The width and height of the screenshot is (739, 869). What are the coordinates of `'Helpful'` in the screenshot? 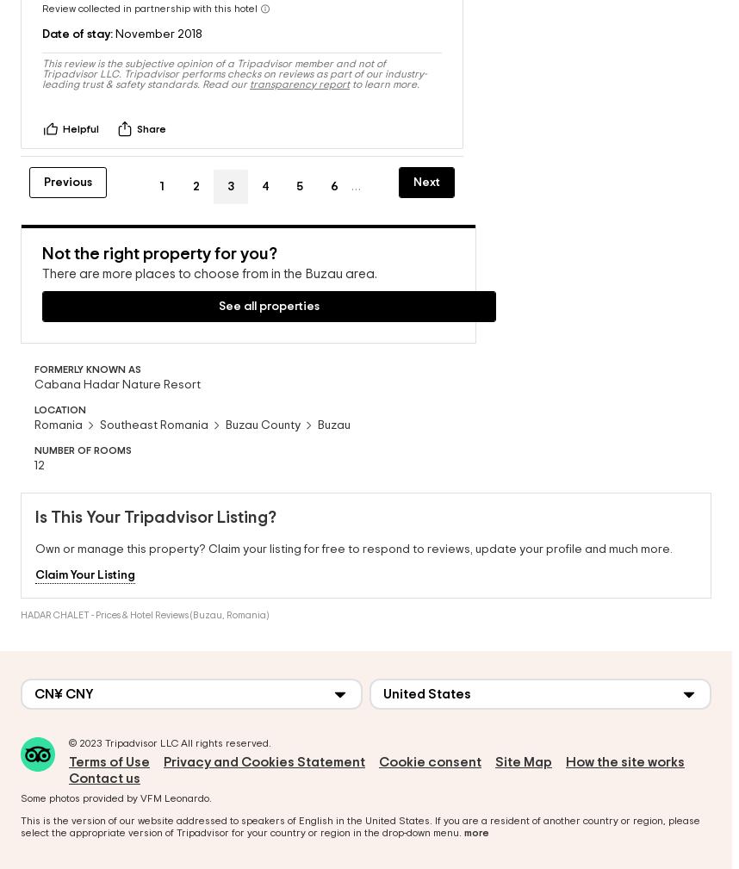 It's located at (81, 109).